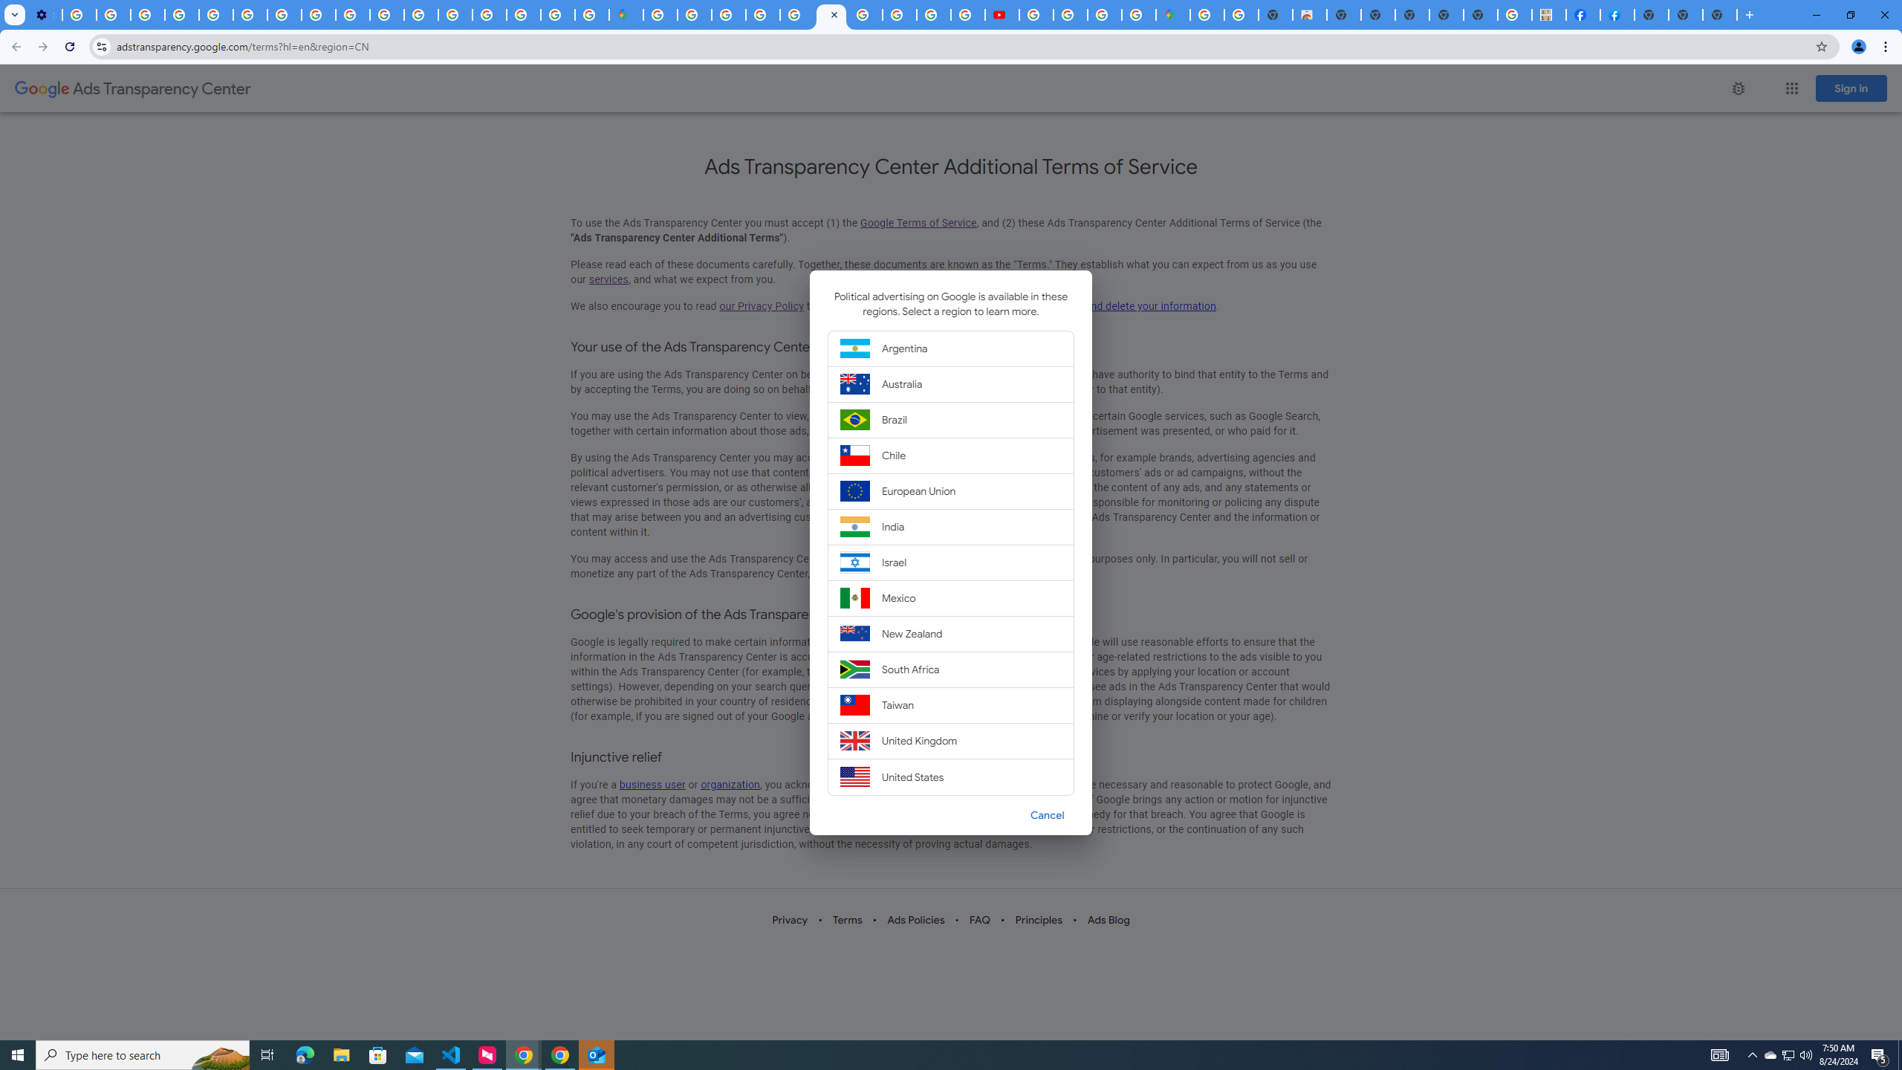 This screenshot has width=1902, height=1070. I want to click on 'Learn how to find your photos - Google Photos Help', so click(112, 14).